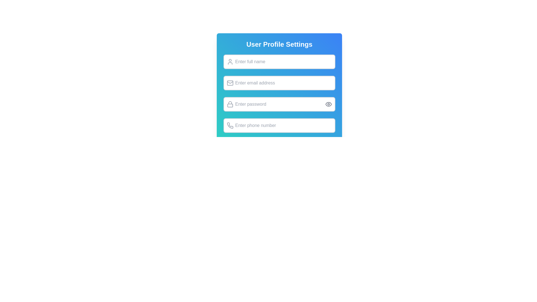 Image resolution: width=537 pixels, height=302 pixels. Describe the element at coordinates (230, 83) in the screenshot. I see `the envelope icon associated with email entry, which is positioned to the left of the input field labeled 'Enter email address'` at that location.